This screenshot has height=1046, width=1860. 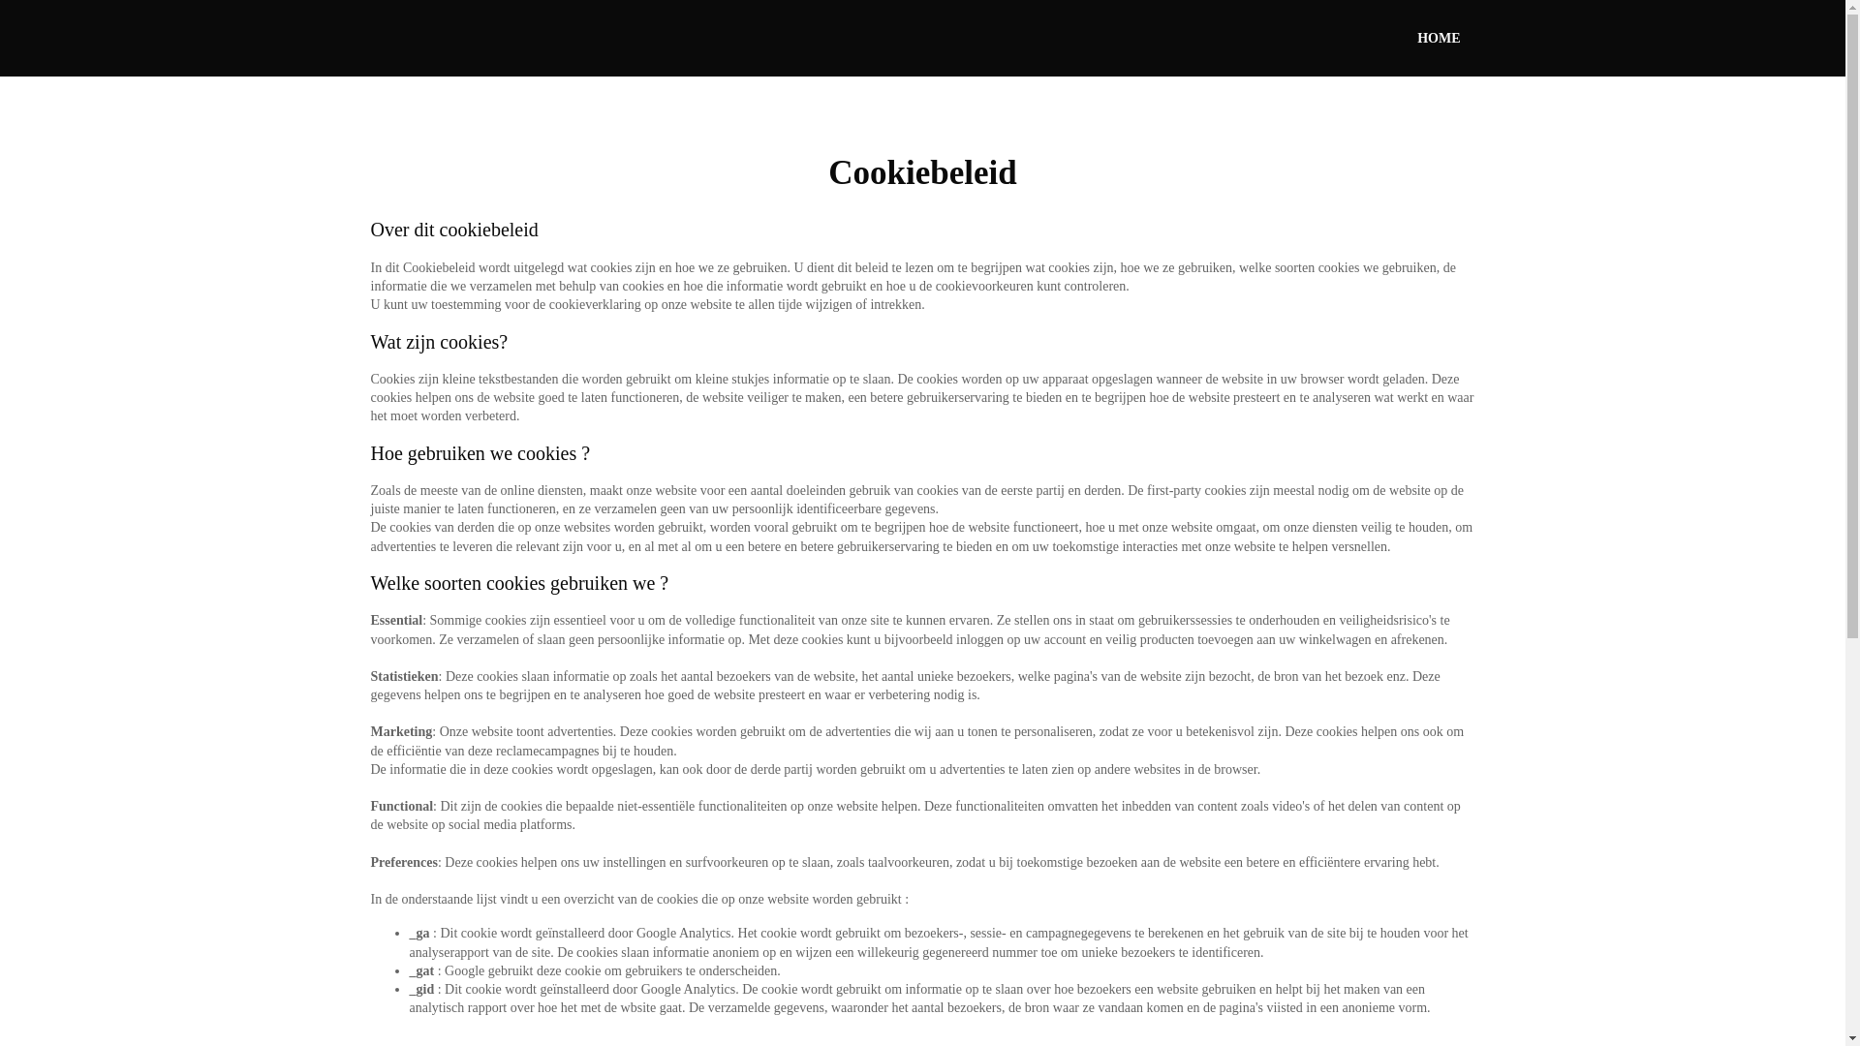 What do you see at coordinates (1438, 38) in the screenshot?
I see `'HOME'` at bounding box center [1438, 38].